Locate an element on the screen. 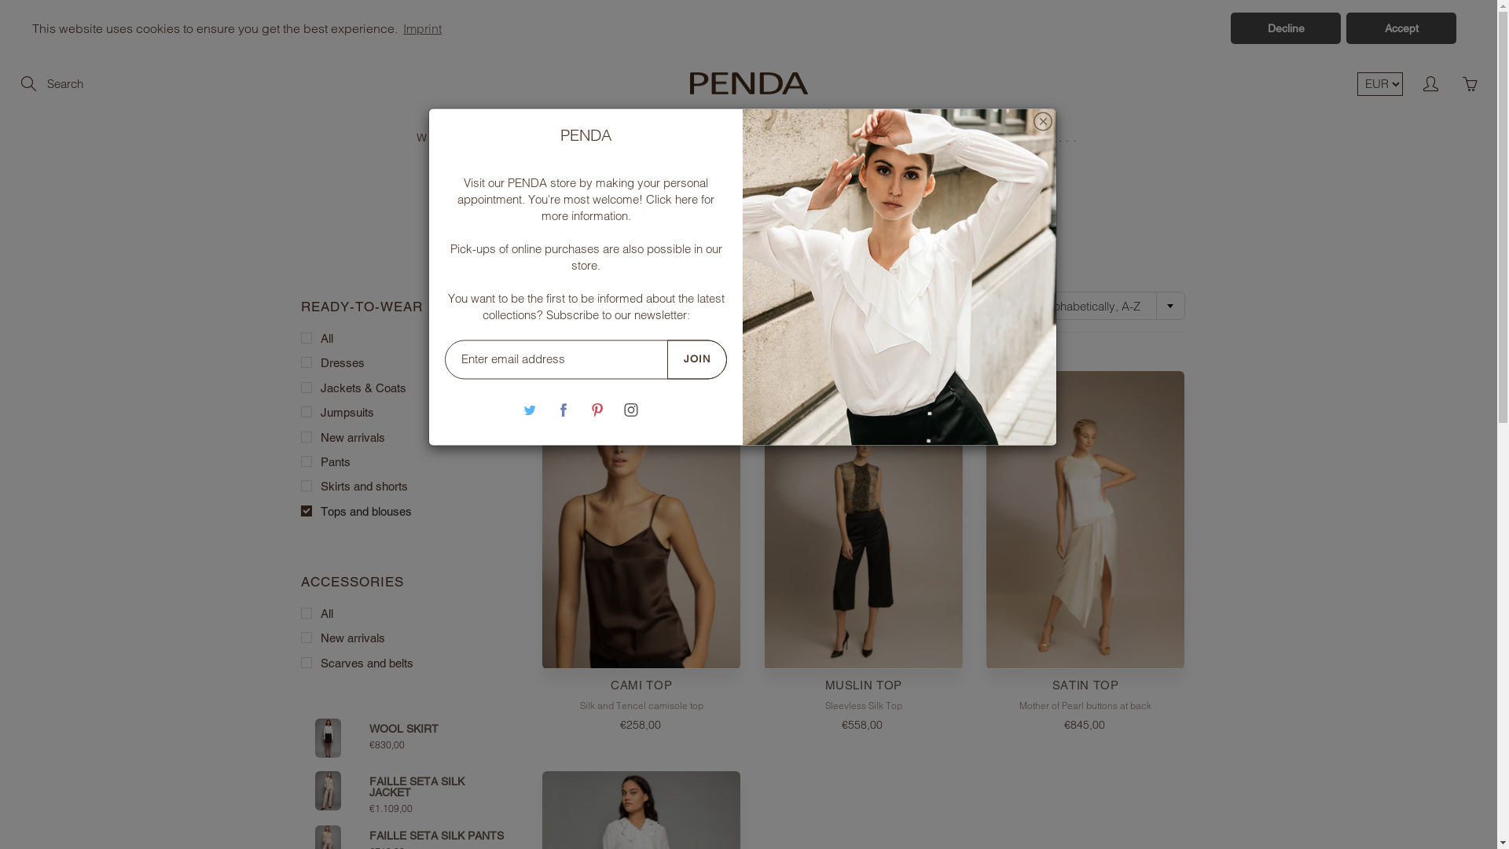 The image size is (1509, 849). 'Dresses' is located at coordinates (403, 362).